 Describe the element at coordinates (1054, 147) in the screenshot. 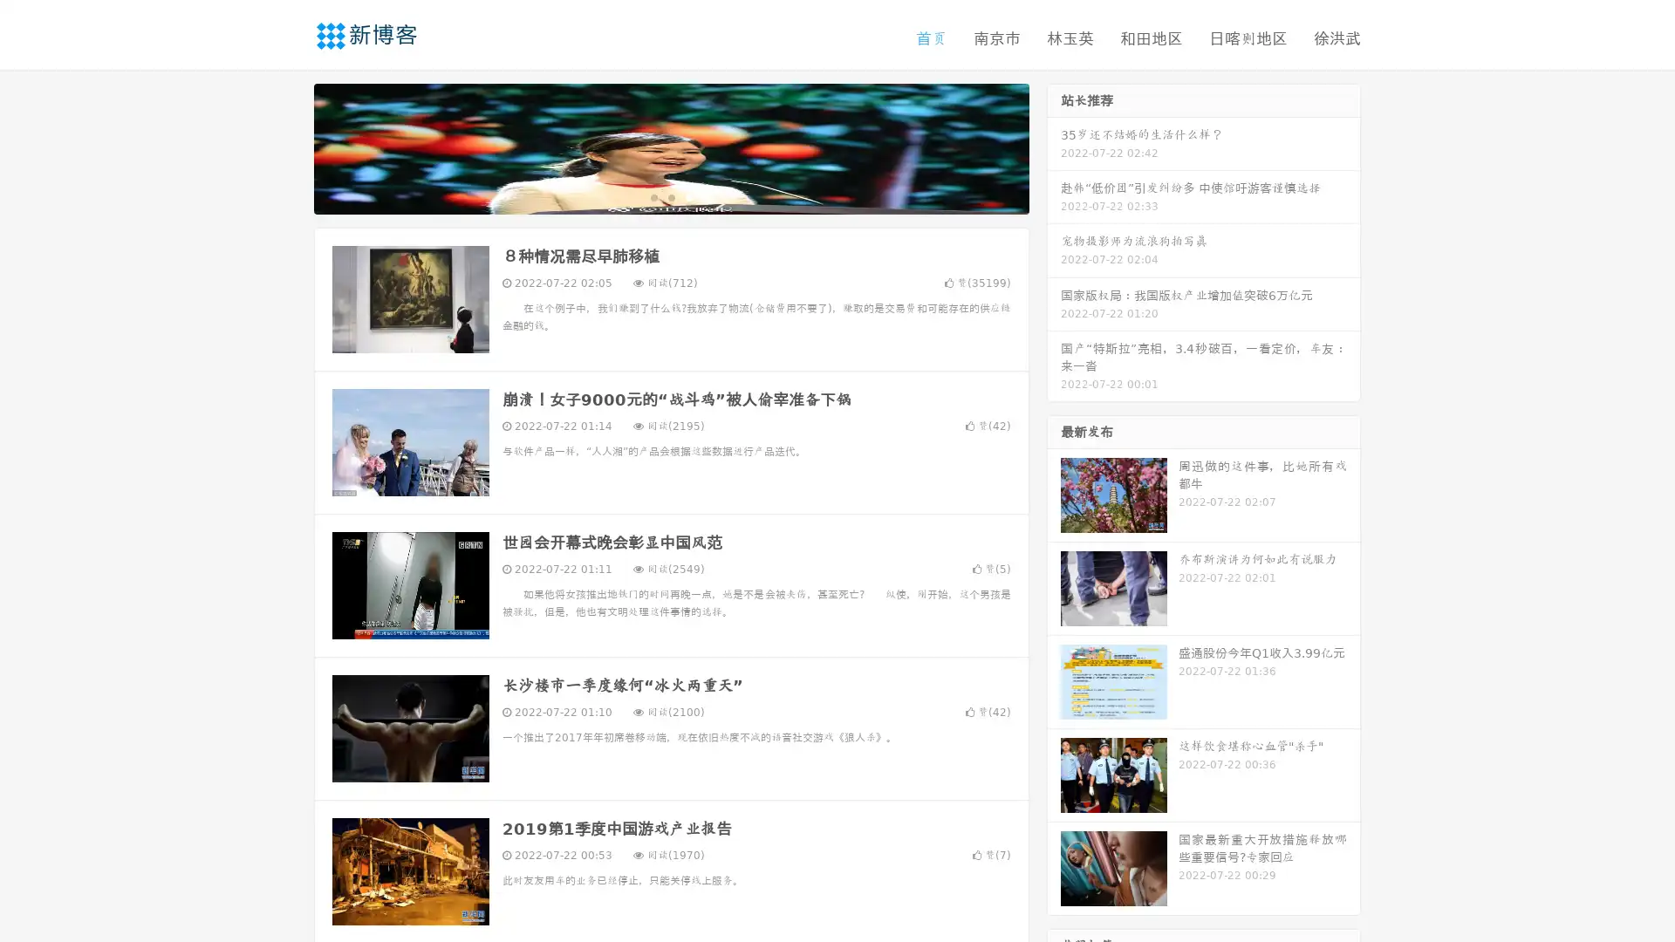

I see `Next slide` at that location.